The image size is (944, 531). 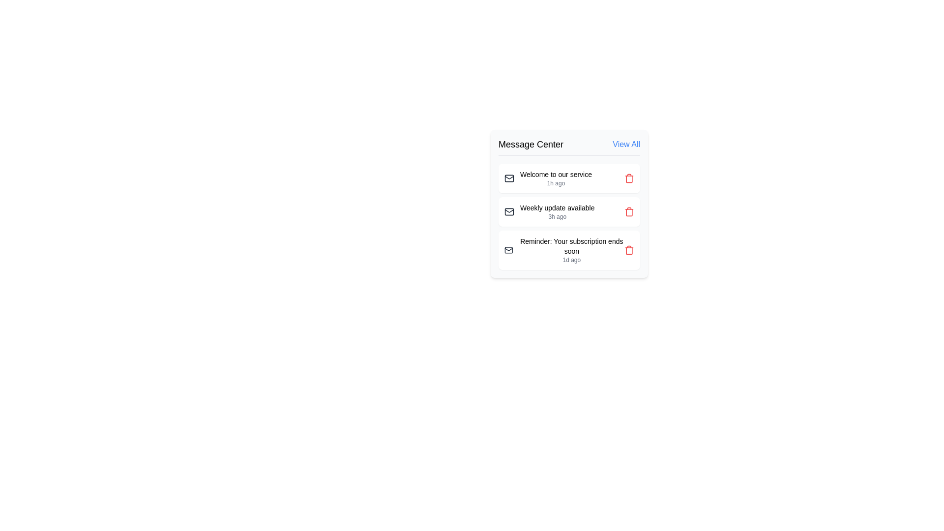 I want to click on the email or notification icon located to the far left of the 'Reminder: Your subscription ends soon' text in the third row of the message center, so click(x=508, y=250).